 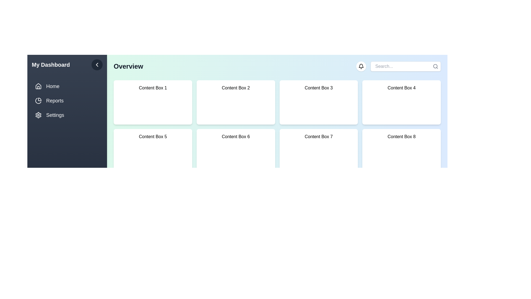 What do you see at coordinates (67, 100) in the screenshot?
I see `the navigation item Reports in the sidebar` at bounding box center [67, 100].